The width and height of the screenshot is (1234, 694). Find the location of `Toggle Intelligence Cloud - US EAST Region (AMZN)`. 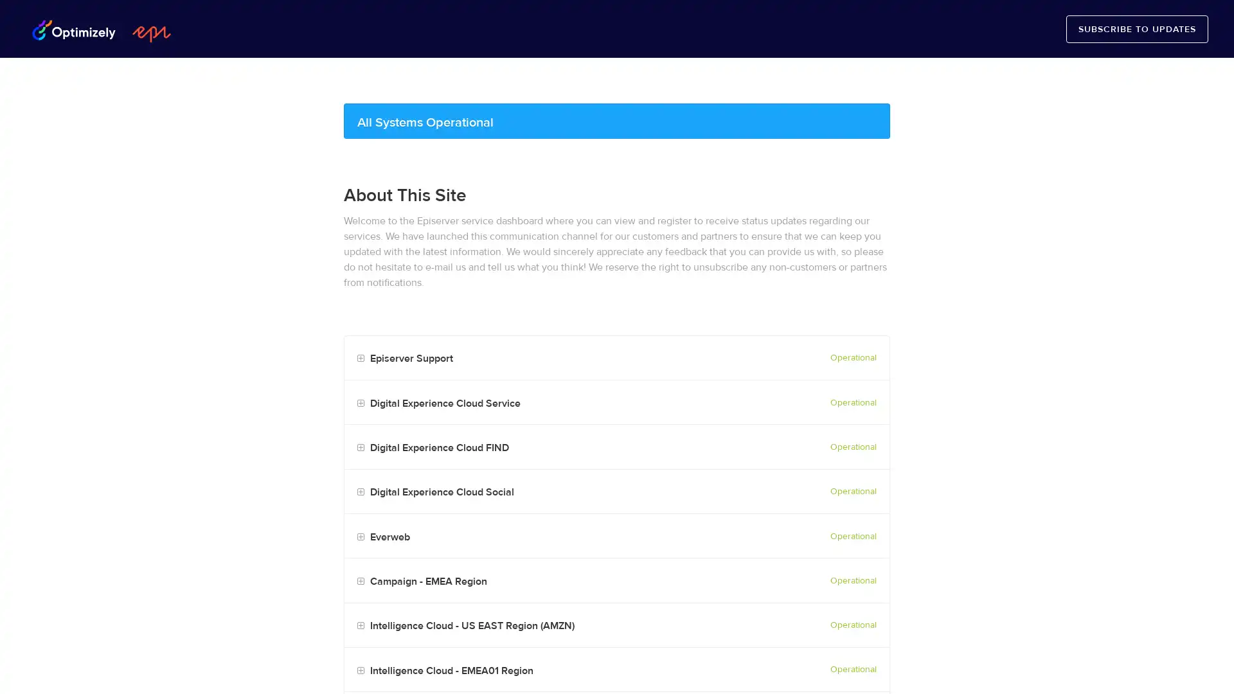

Toggle Intelligence Cloud - US EAST Region (AMZN) is located at coordinates (360, 625).